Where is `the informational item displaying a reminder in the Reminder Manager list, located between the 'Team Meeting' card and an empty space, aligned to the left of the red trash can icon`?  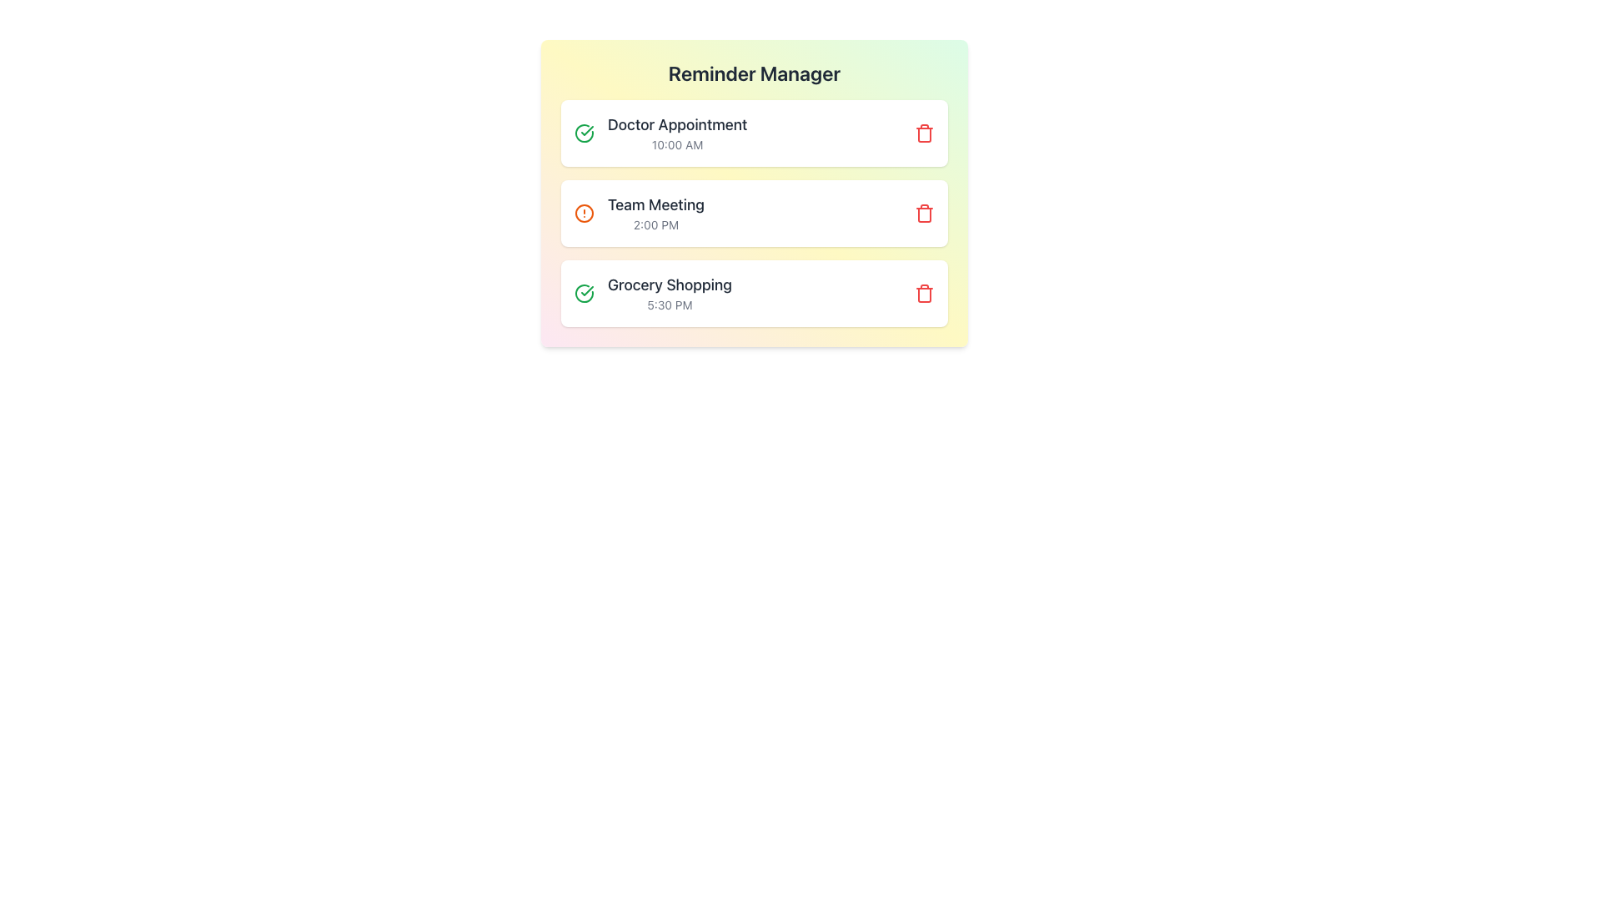 the informational item displaying a reminder in the Reminder Manager list, located between the 'Team Meeting' card and an empty space, aligned to the left of the red trash can icon is located at coordinates (652, 292).